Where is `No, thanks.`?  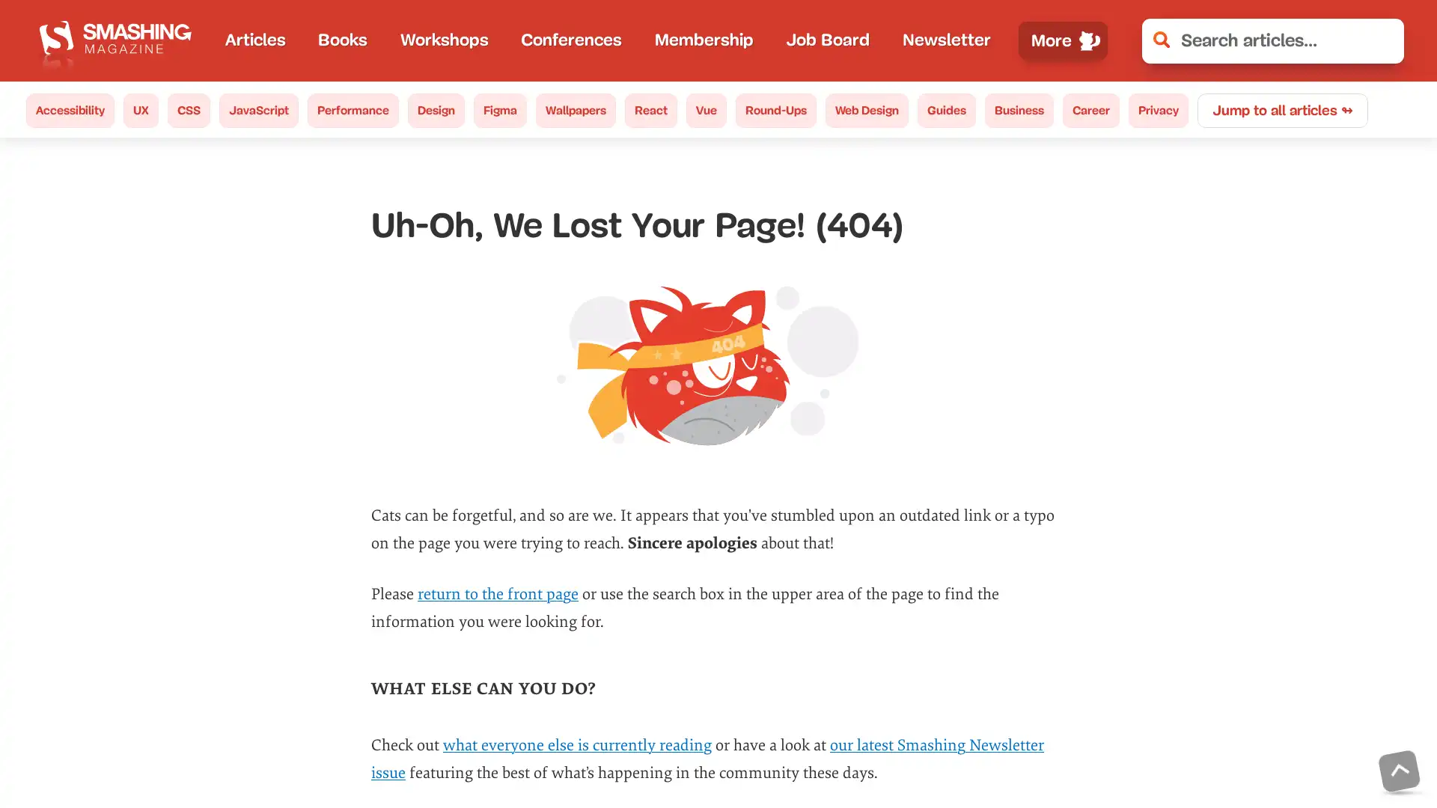
No, thanks. is located at coordinates (1175, 747).